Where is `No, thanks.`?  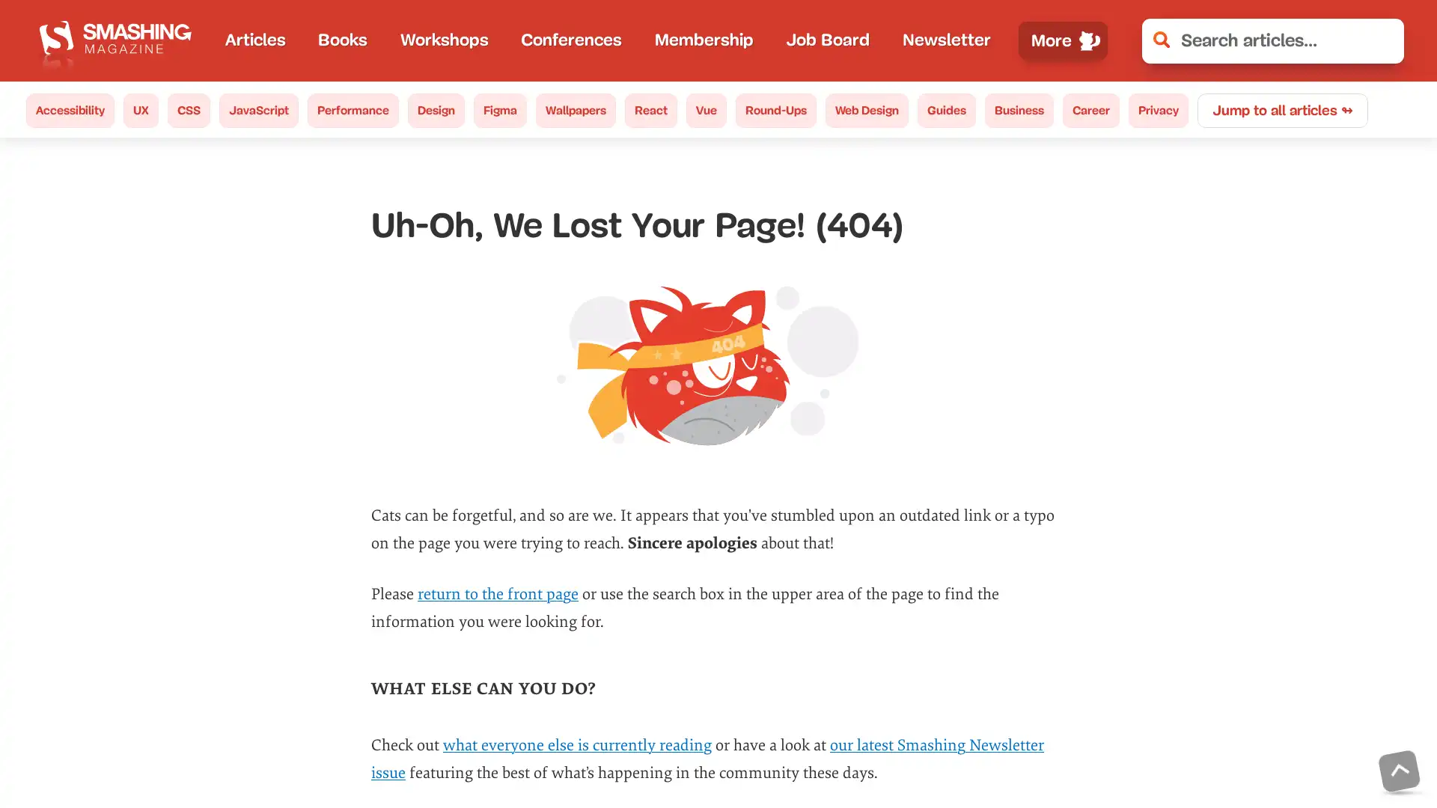
No, thanks. is located at coordinates (1175, 747).